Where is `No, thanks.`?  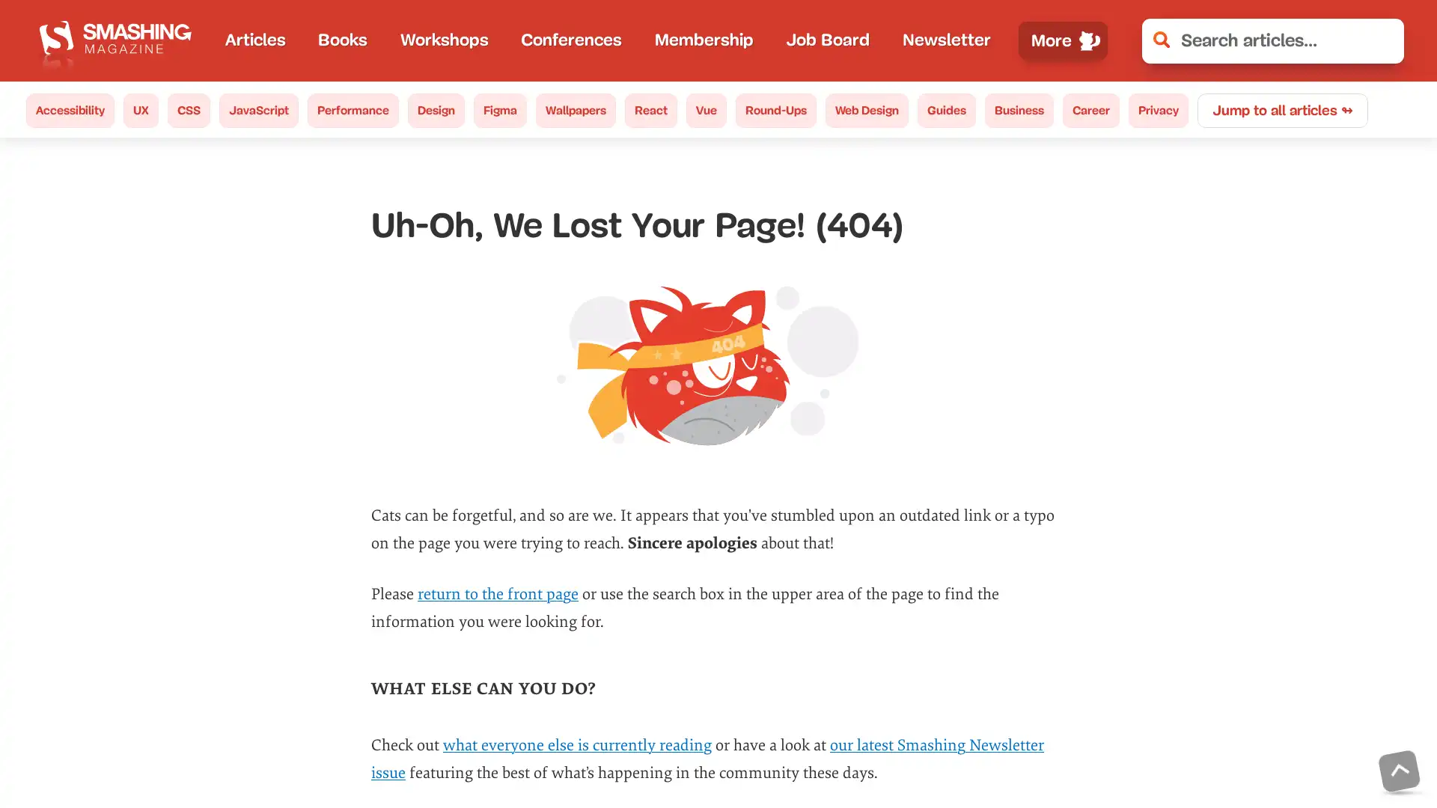
No, thanks. is located at coordinates (1175, 747).